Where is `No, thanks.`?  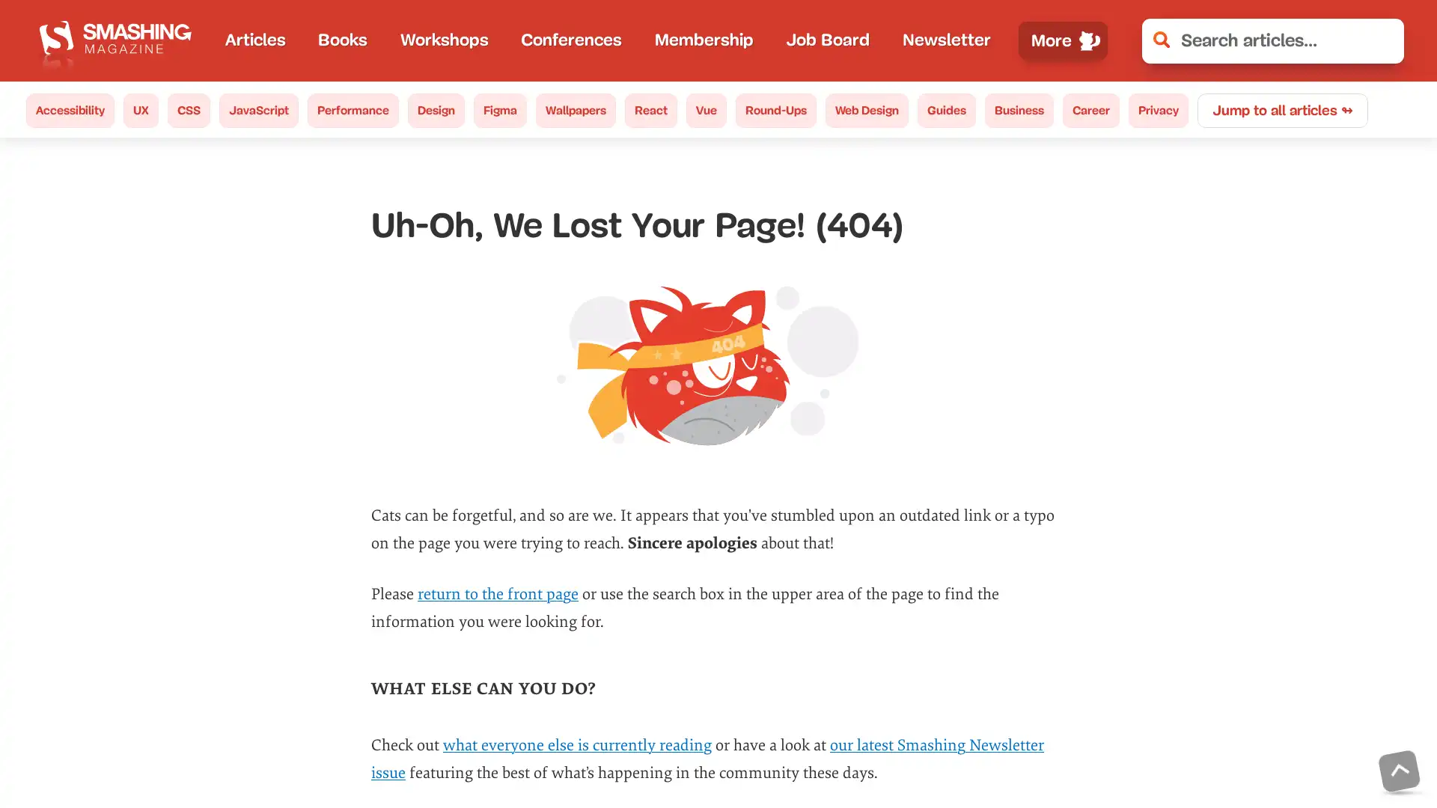
No, thanks. is located at coordinates (1175, 747).